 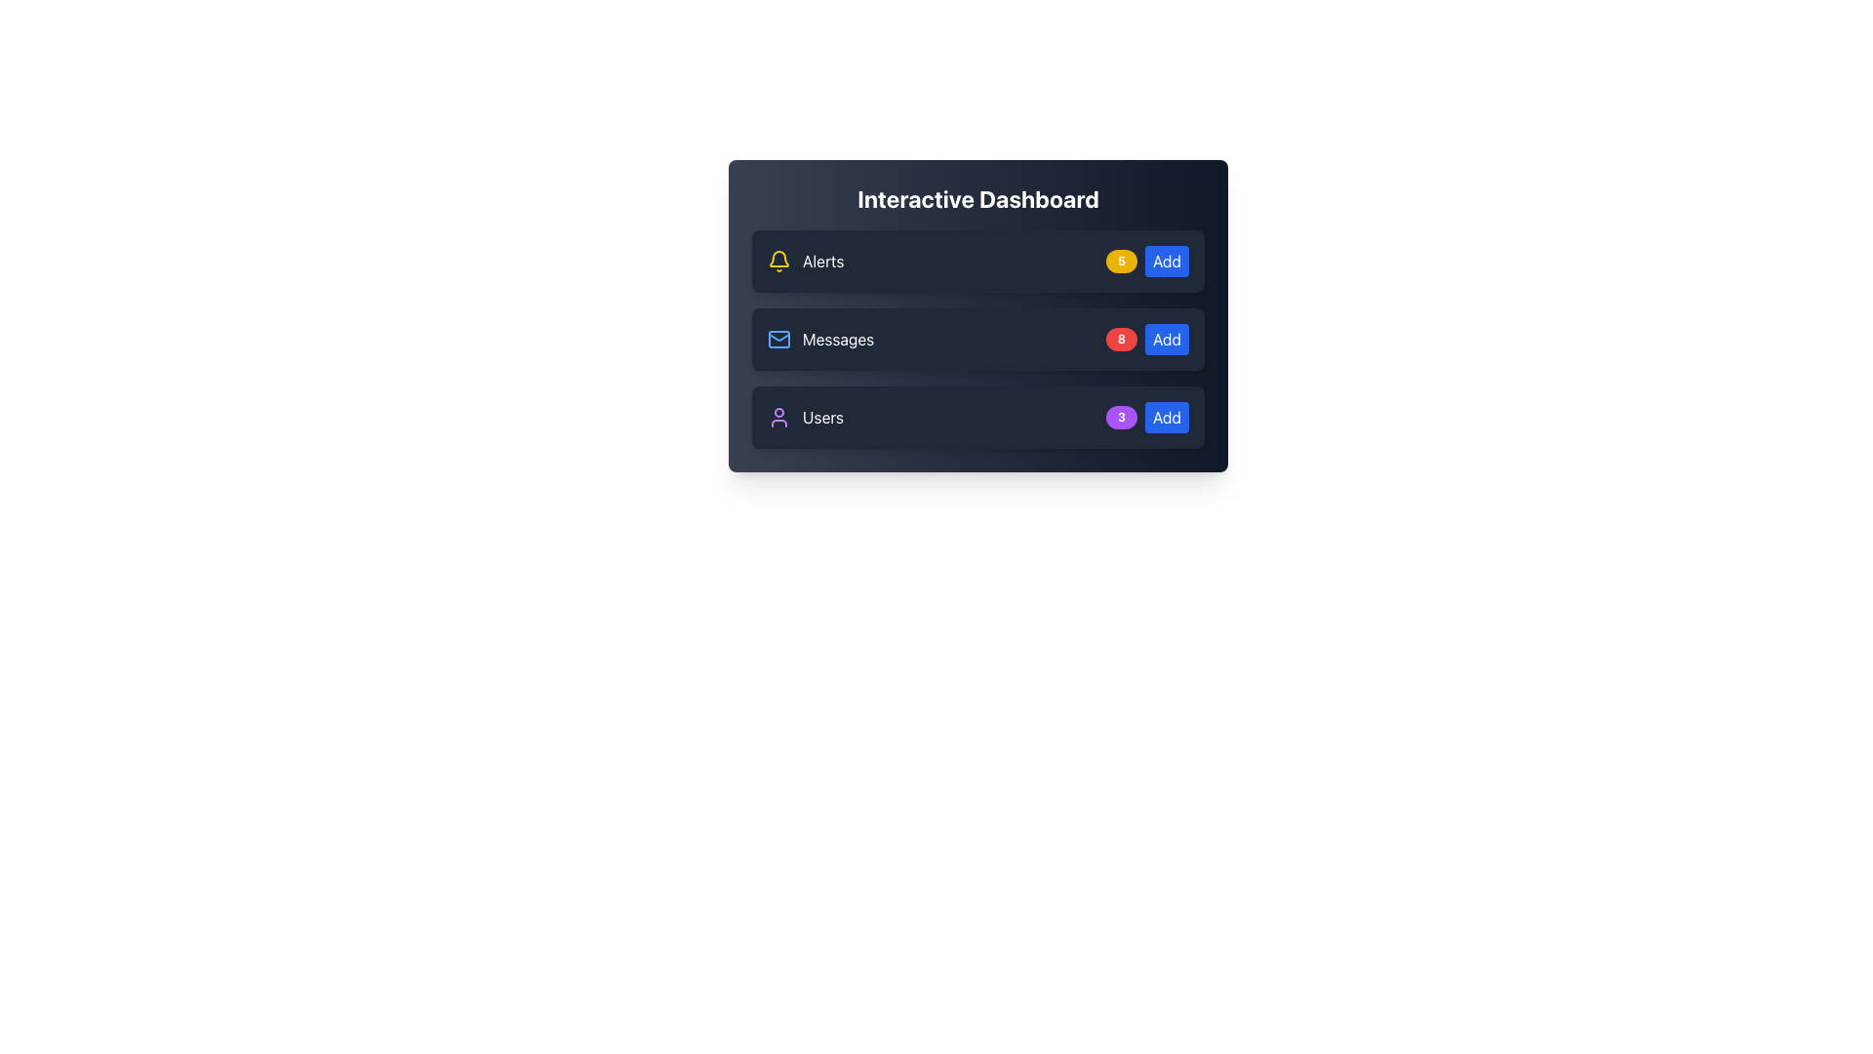 What do you see at coordinates (823, 260) in the screenshot?
I see `the 'Alerts' text label, which is displayed in white font on a dark rectangular background and is positioned to the right of a yellow bell icon, indicating notifications` at bounding box center [823, 260].